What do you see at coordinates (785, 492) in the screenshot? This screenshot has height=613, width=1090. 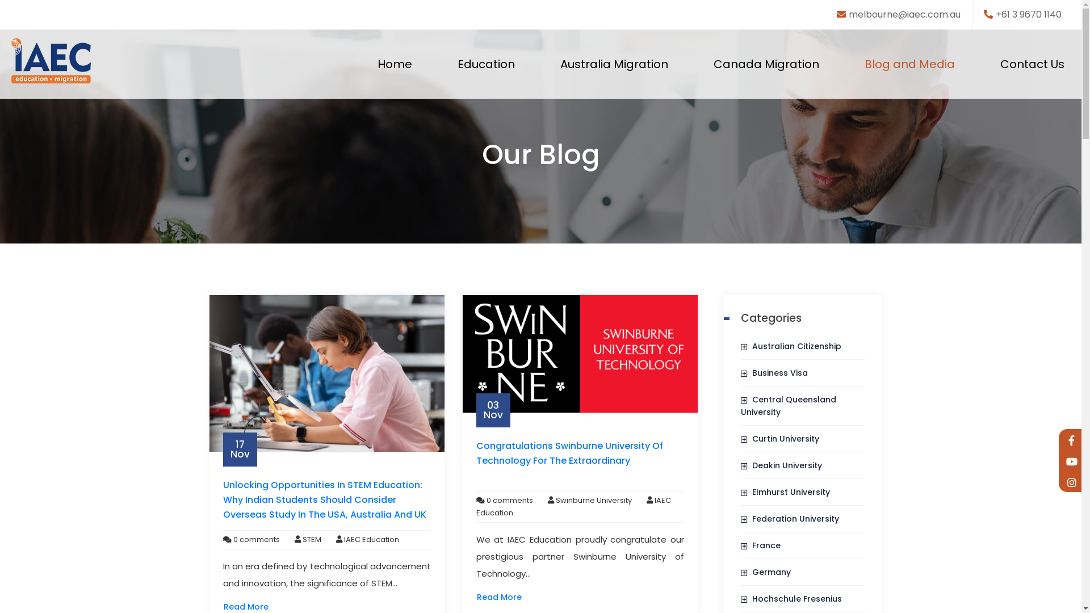 I see `'Elmhurst University'` at bounding box center [785, 492].